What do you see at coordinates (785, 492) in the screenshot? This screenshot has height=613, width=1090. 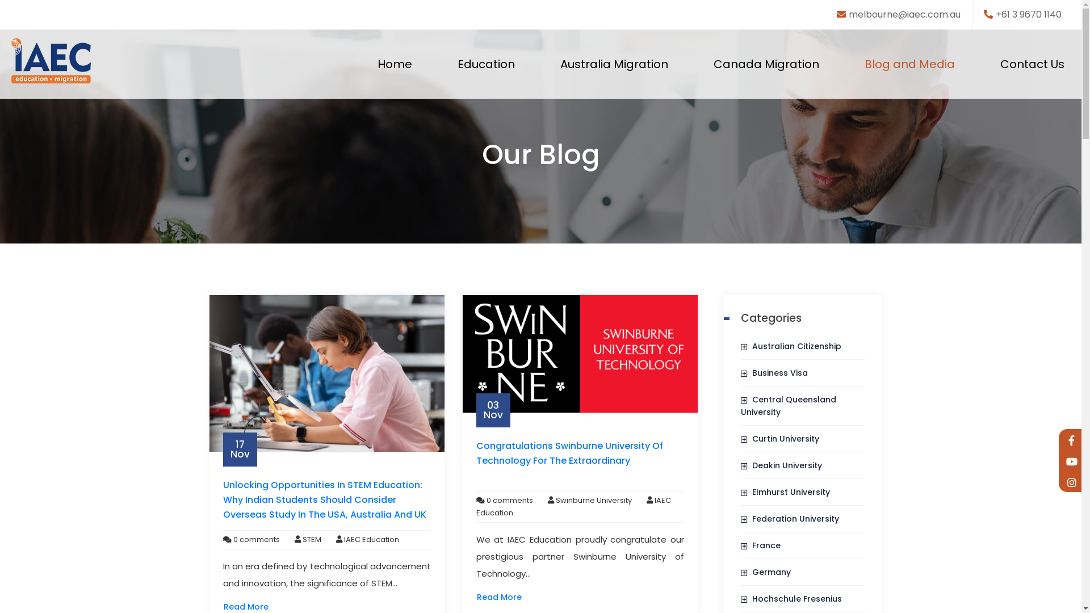 I see `'Elmhurst University'` at bounding box center [785, 492].